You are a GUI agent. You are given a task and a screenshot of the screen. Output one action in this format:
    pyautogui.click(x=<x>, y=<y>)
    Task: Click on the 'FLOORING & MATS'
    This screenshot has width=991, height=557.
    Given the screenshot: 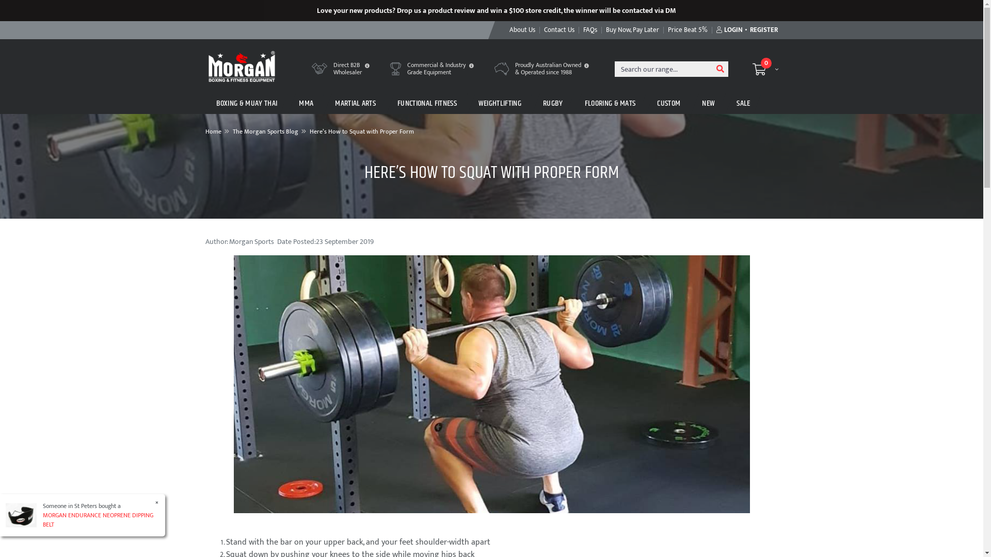 What is the action you would take?
    pyautogui.click(x=610, y=103)
    